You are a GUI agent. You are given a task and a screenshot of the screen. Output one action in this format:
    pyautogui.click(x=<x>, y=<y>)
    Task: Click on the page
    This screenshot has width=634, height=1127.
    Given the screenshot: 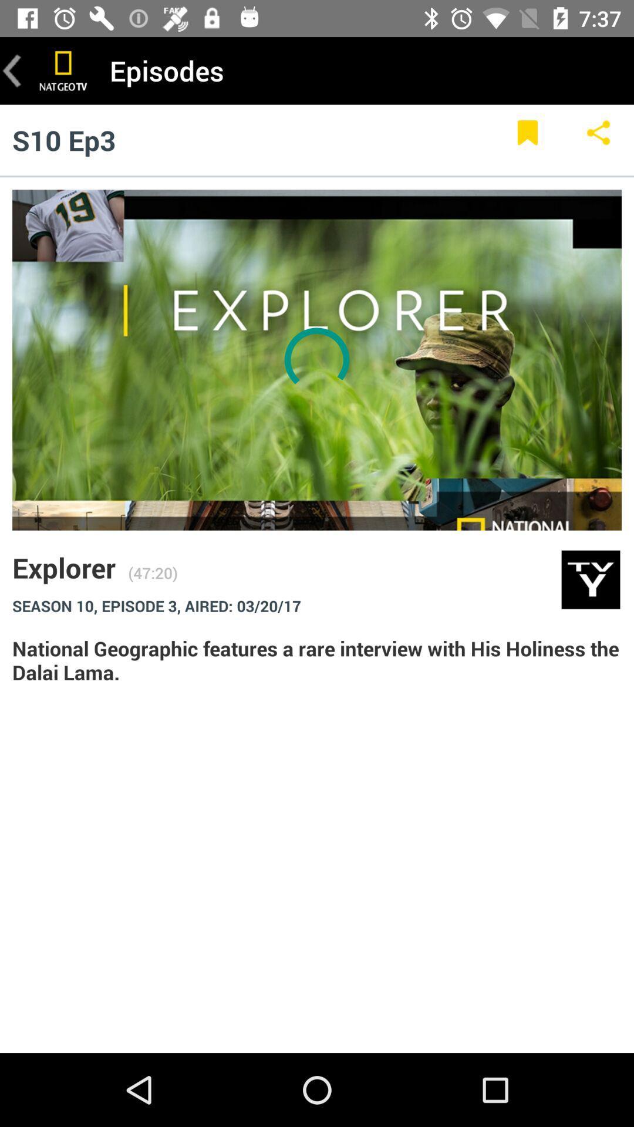 What is the action you would take?
    pyautogui.click(x=527, y=140)
    